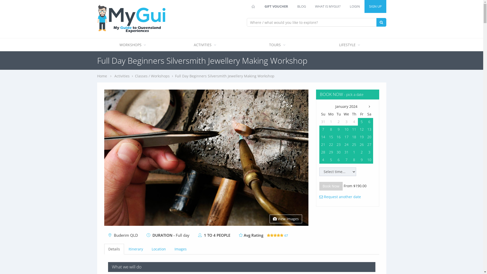  What do you see at coordinates (135, 249) in the screenshot?
I see `'Itinerary'` at bounding box center [135, 249].